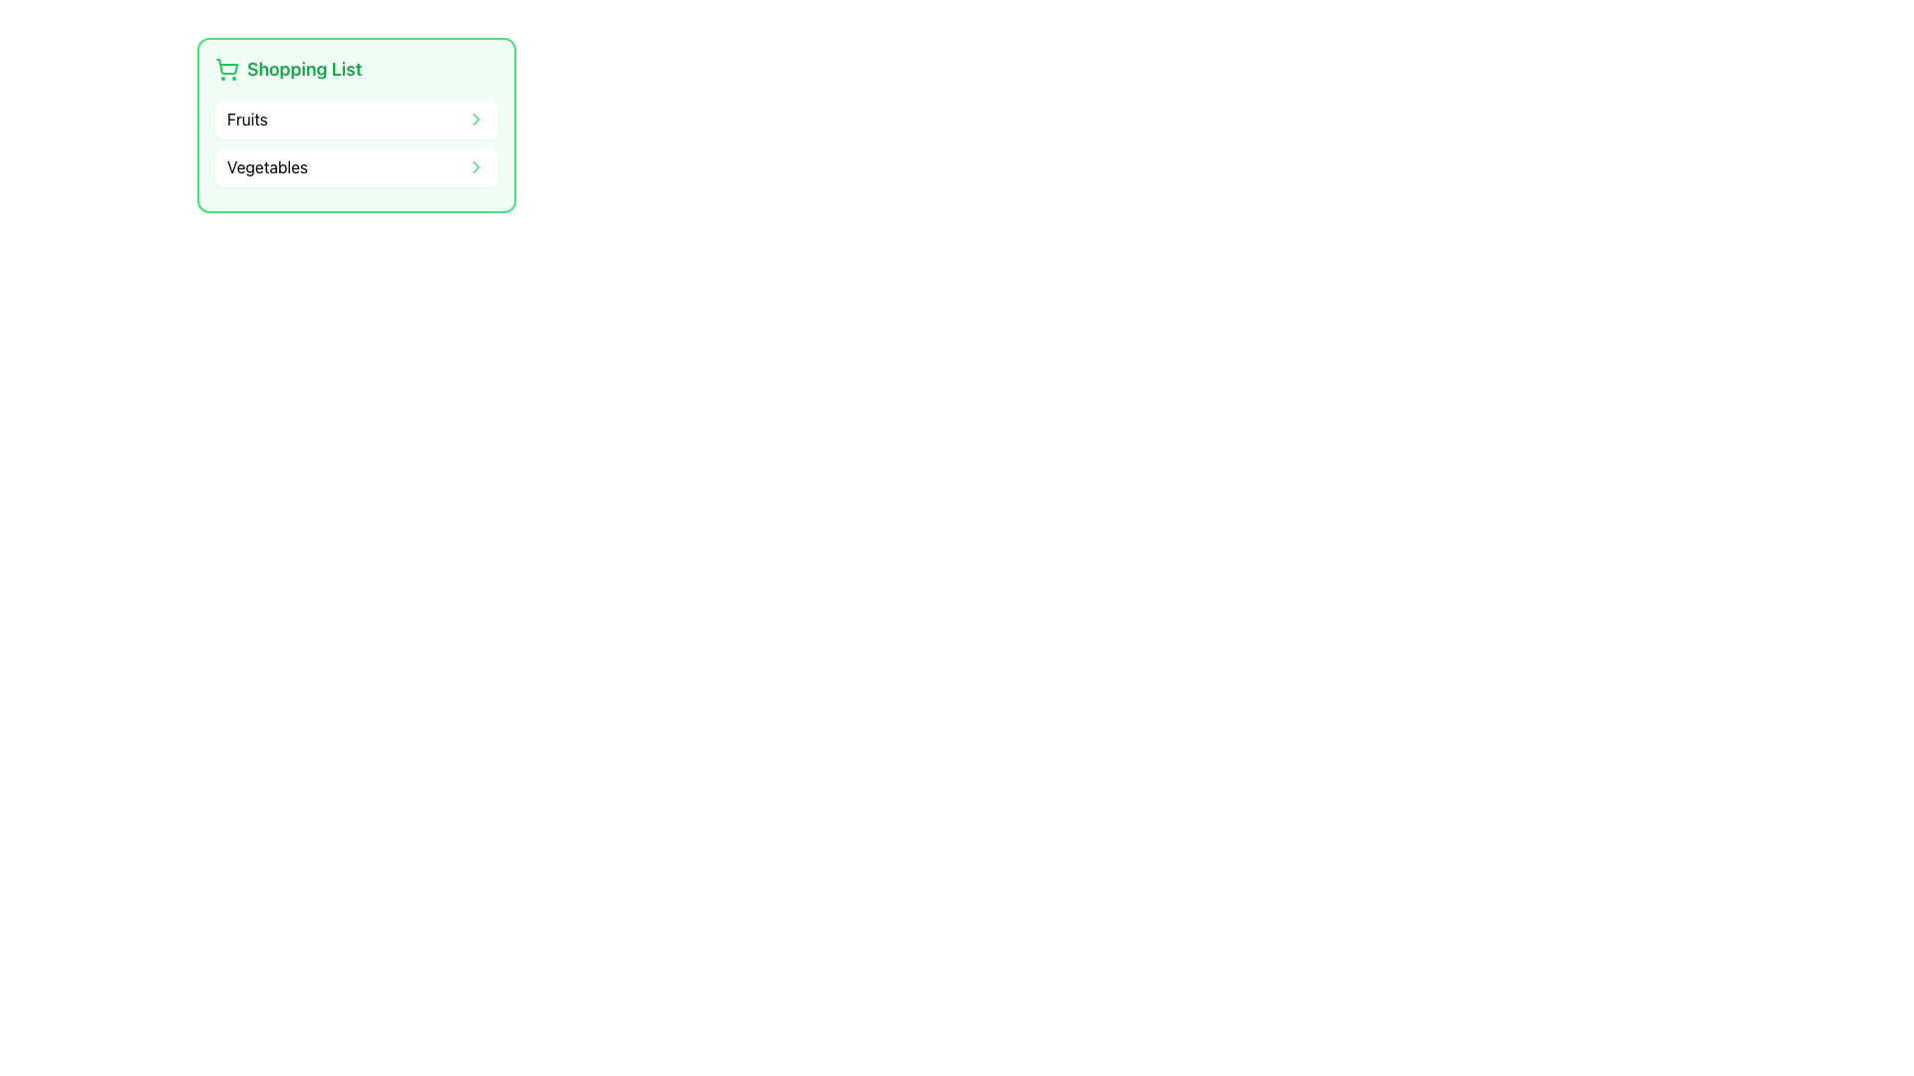 The width and height of the screenshot is (1914, 1076). Describe the element at coordinates (357, 126) in the screenshot. I see `the first item in the Shopping List titled 'Fruits'` at that location.